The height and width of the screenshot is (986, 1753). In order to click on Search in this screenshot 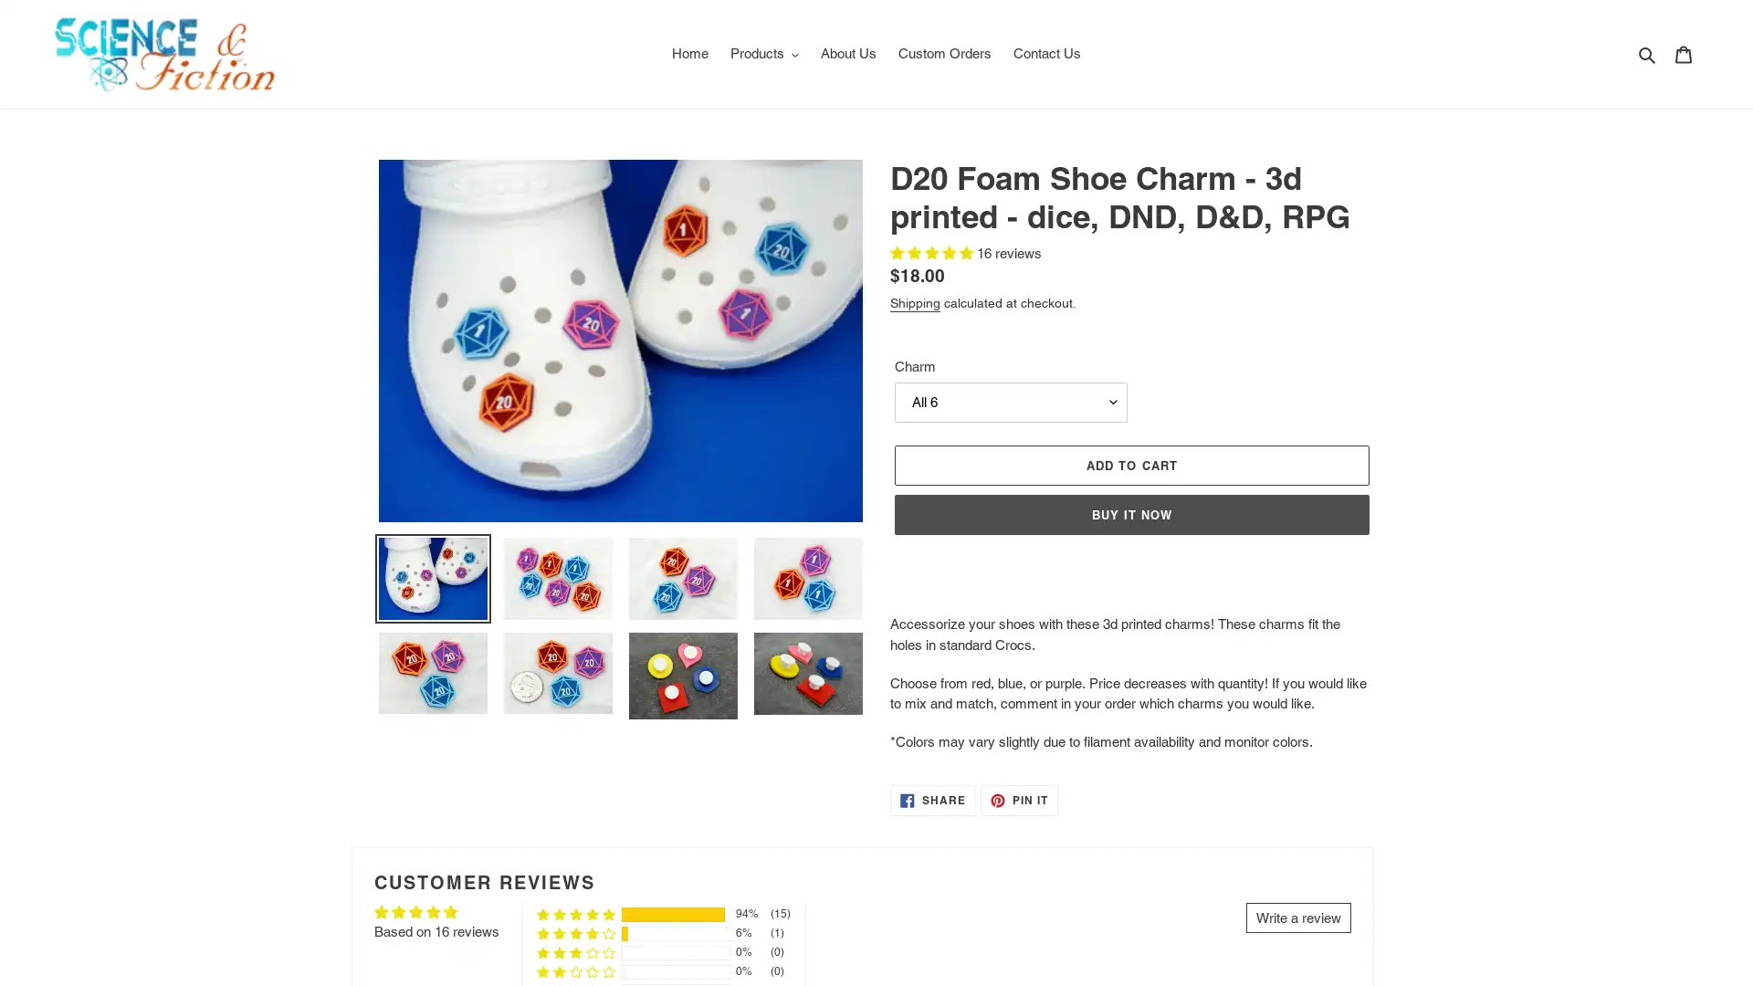, I will do `click(1648, 52)`.